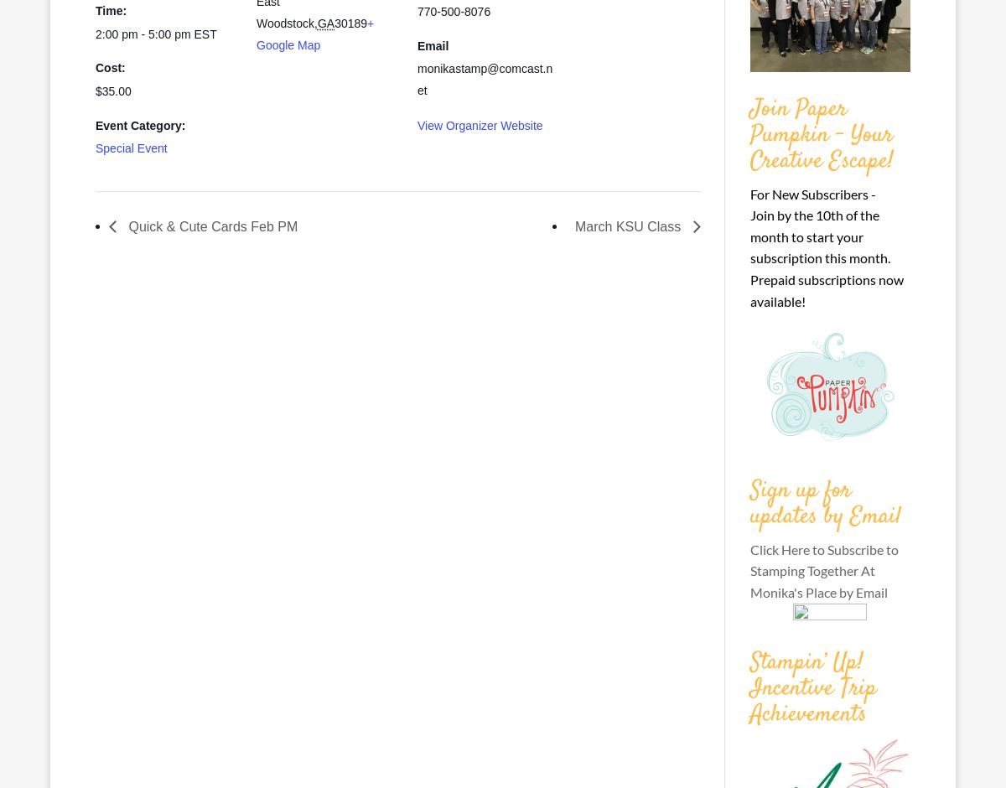  What do you see at coordinates (823, 568) in the screenshot?
I see `'Click Here to Subscribe to Stamping Together At Monika's Place by Email'` at bounding box center [823, 568].